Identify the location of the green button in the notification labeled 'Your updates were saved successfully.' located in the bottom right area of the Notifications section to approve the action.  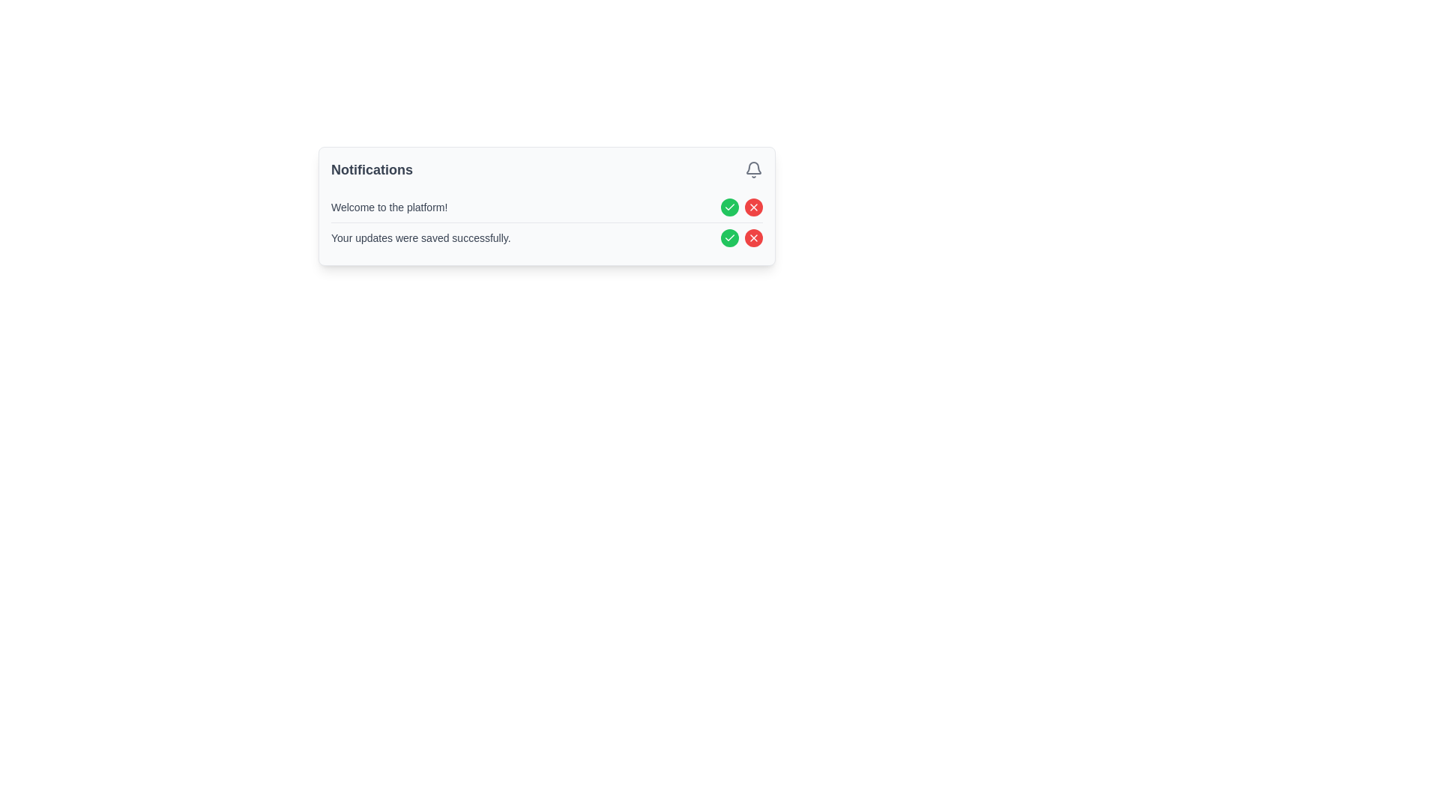
(741, 237).